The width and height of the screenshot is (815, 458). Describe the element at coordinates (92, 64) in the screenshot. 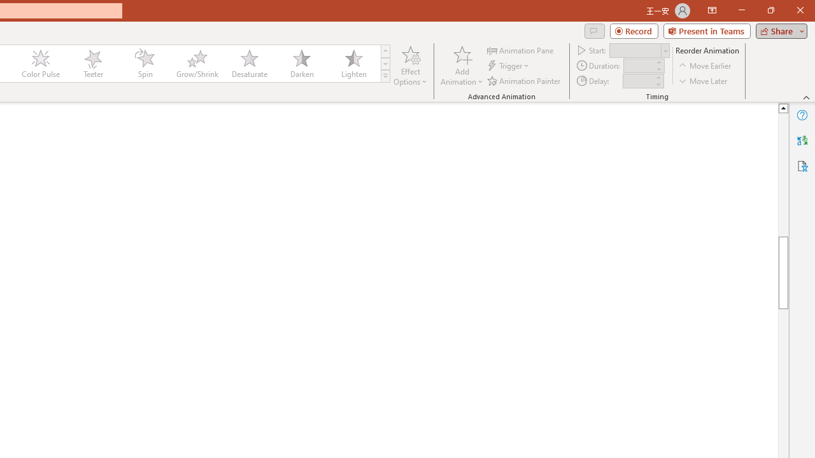

I see `'Teeter'` at that location.